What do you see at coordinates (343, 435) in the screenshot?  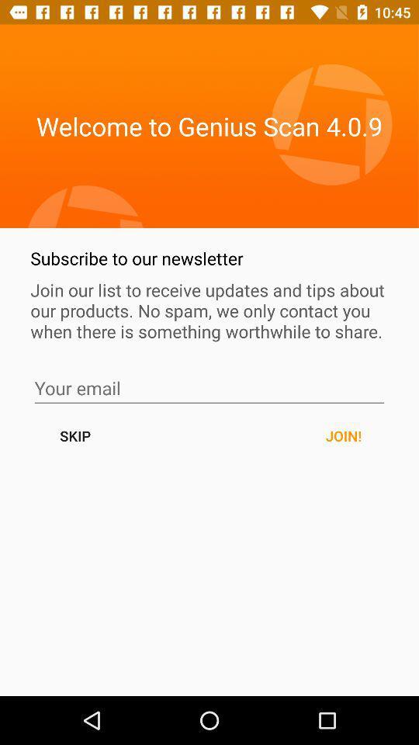 I see `the join! button` at bounding box center [343, 435].